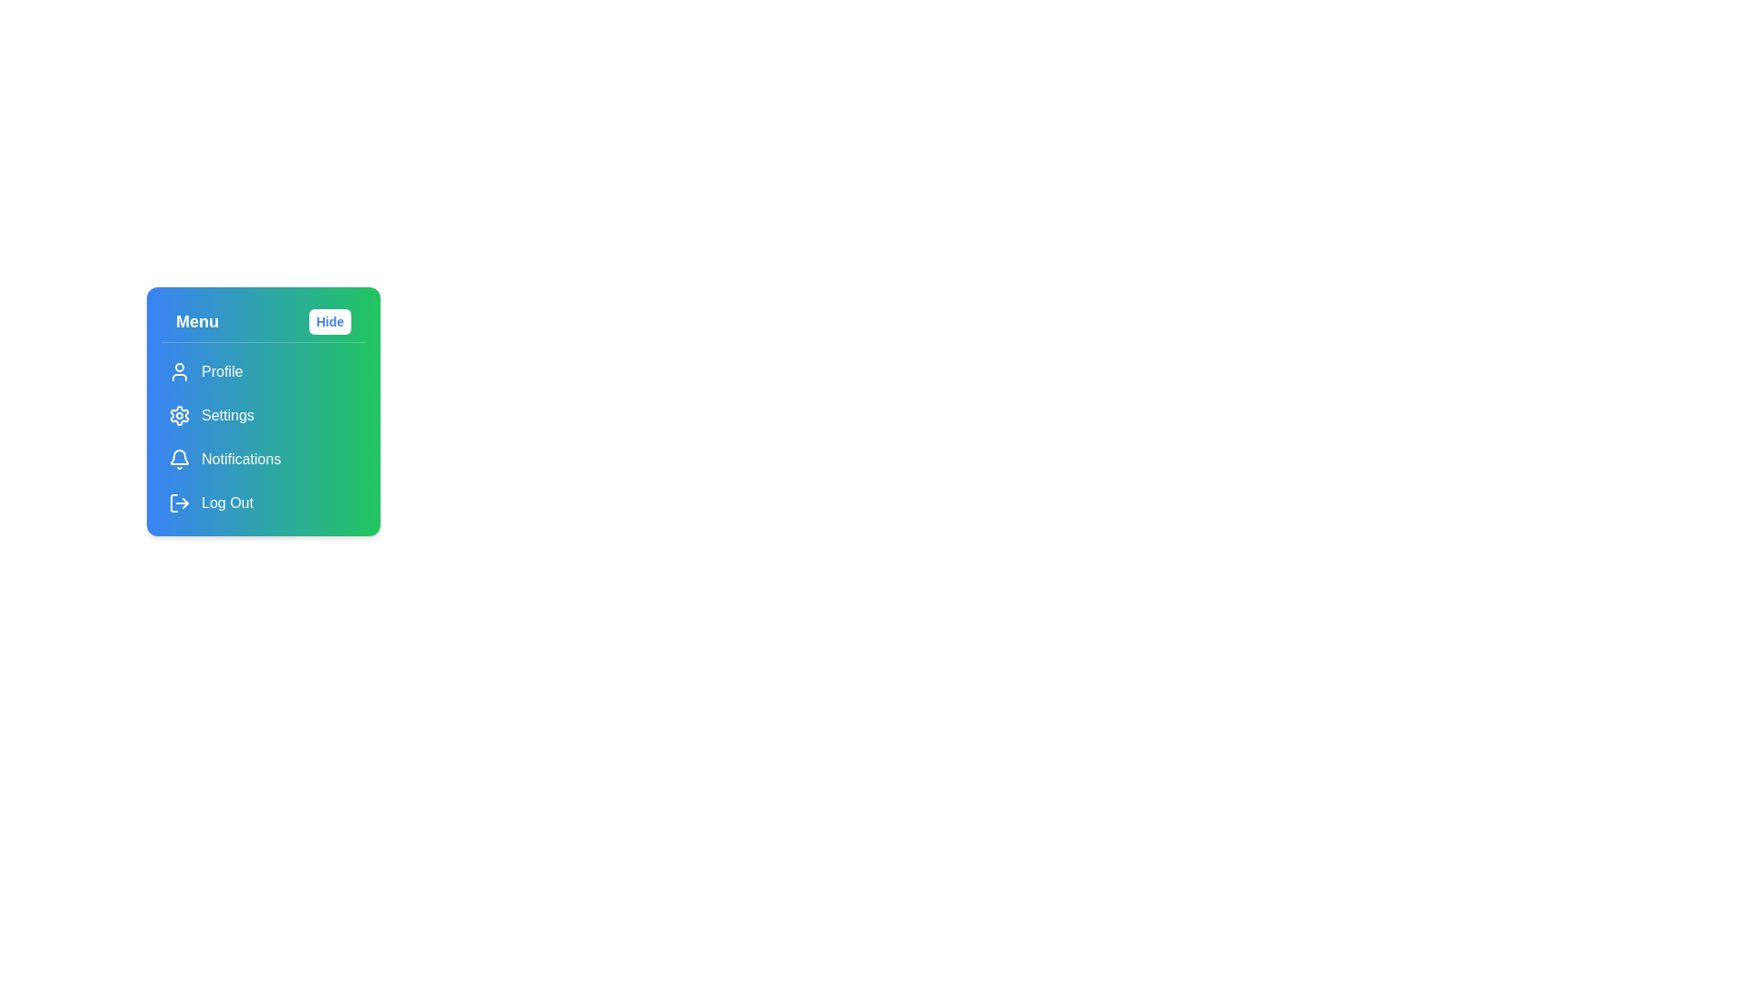  I want to click on the 'Notifications' button, which is the third option in the vertical menu list, so click(262, 459).